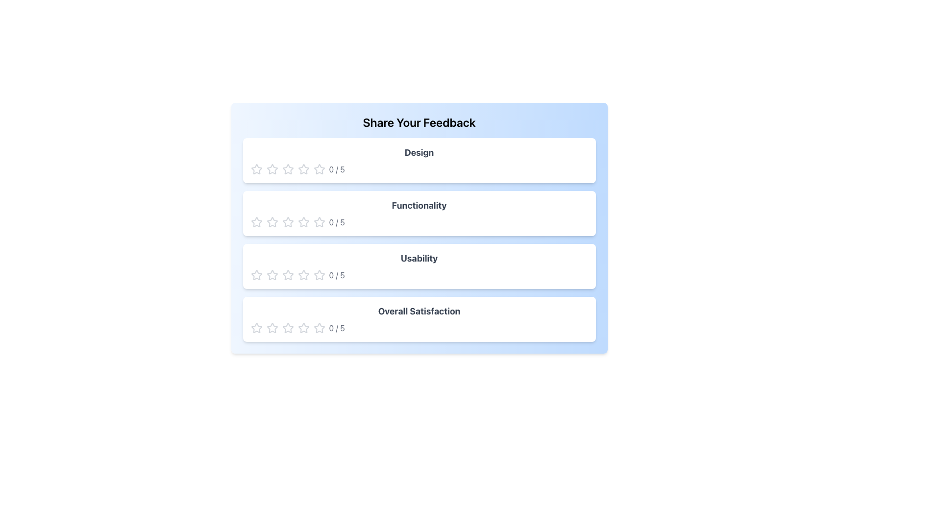 This screenshot has width=941, height=529. I want to click on the third star in the set of five-star icons to rate the Usability aspect, so click(303, 275).